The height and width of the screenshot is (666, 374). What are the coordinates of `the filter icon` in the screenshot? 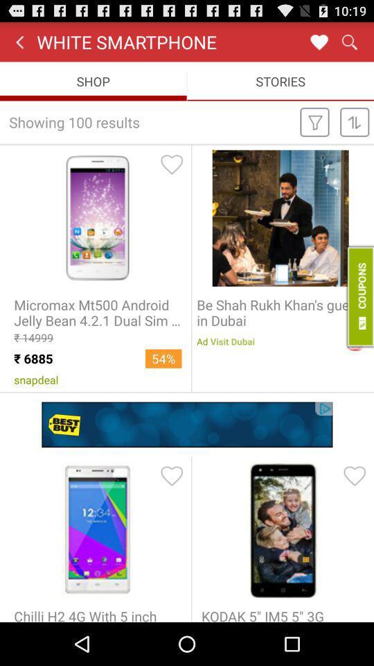 It's located at (314, 130).